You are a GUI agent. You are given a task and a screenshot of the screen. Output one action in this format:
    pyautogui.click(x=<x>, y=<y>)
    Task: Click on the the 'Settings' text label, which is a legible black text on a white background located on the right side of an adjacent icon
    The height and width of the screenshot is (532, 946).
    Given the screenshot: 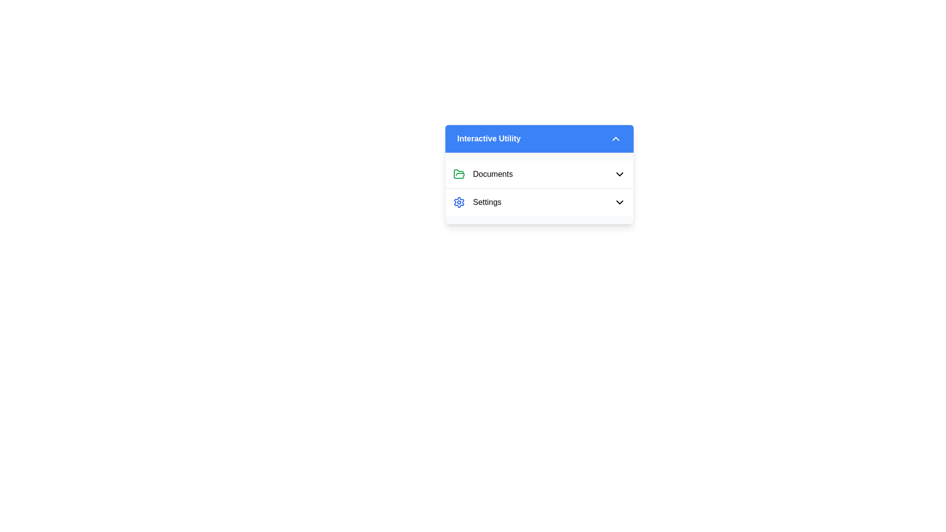 What is the action you would take?
    pyautogui.click(x=487, y=202)
    